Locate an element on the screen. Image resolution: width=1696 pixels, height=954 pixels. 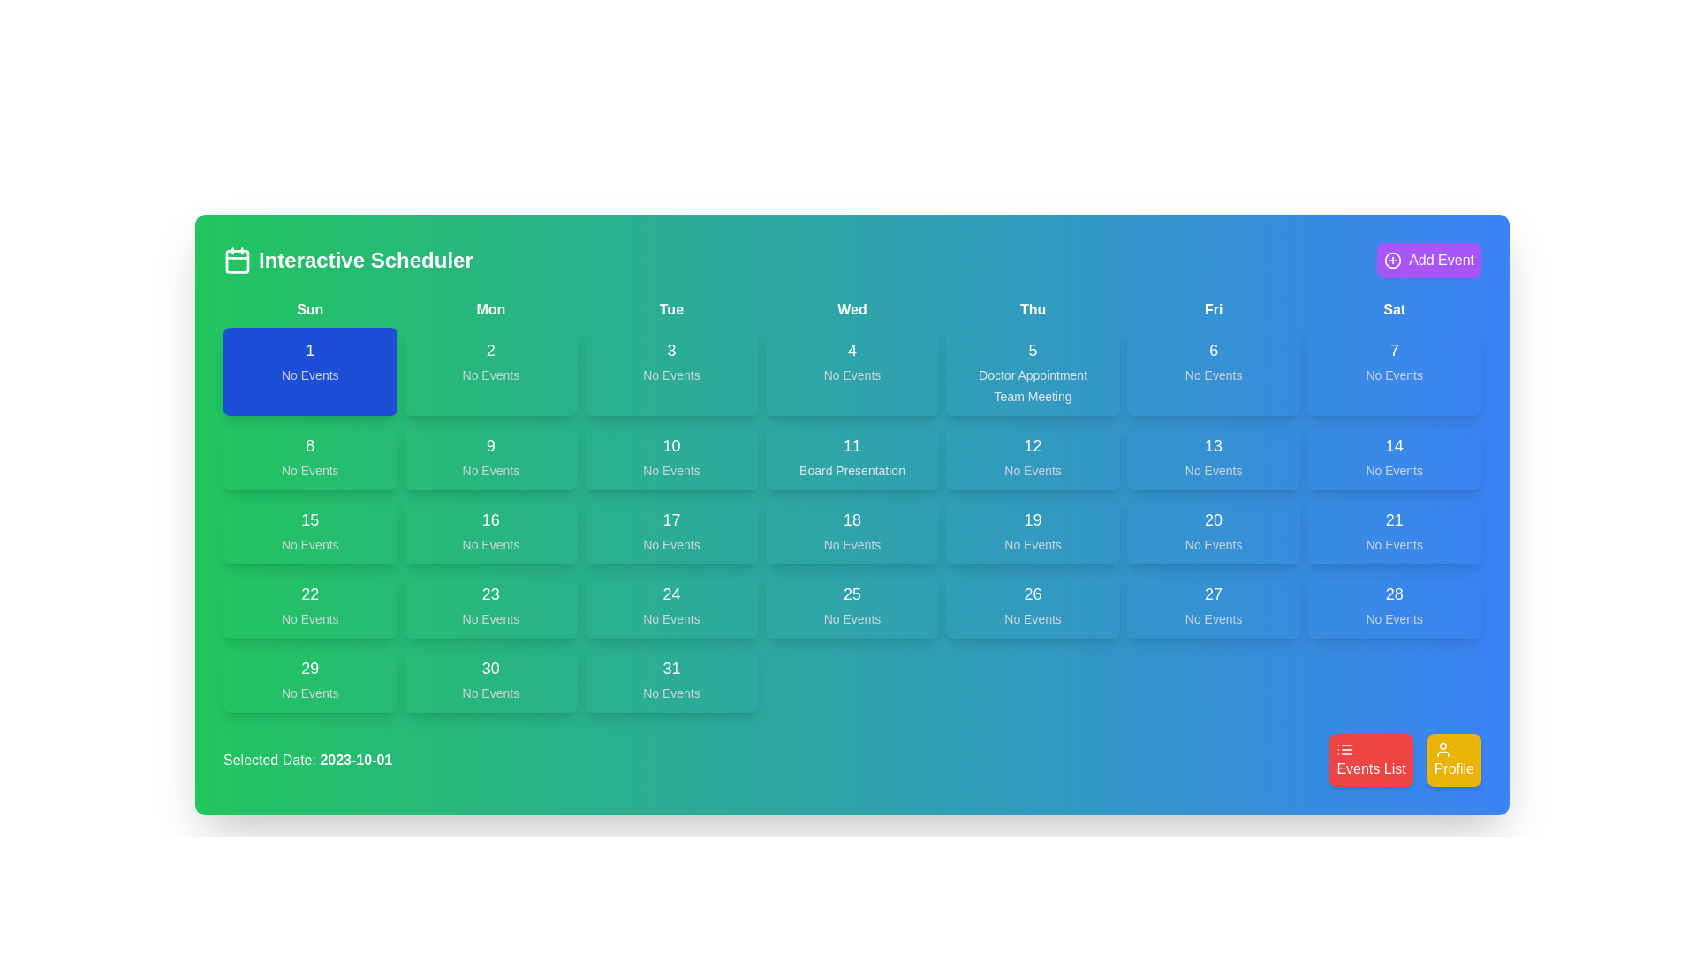
the text label displaying 'Mon', which is bold and white on a green background, located in the second position of the top row in the grid layout for days of the week is located at coordinates (490, 309).